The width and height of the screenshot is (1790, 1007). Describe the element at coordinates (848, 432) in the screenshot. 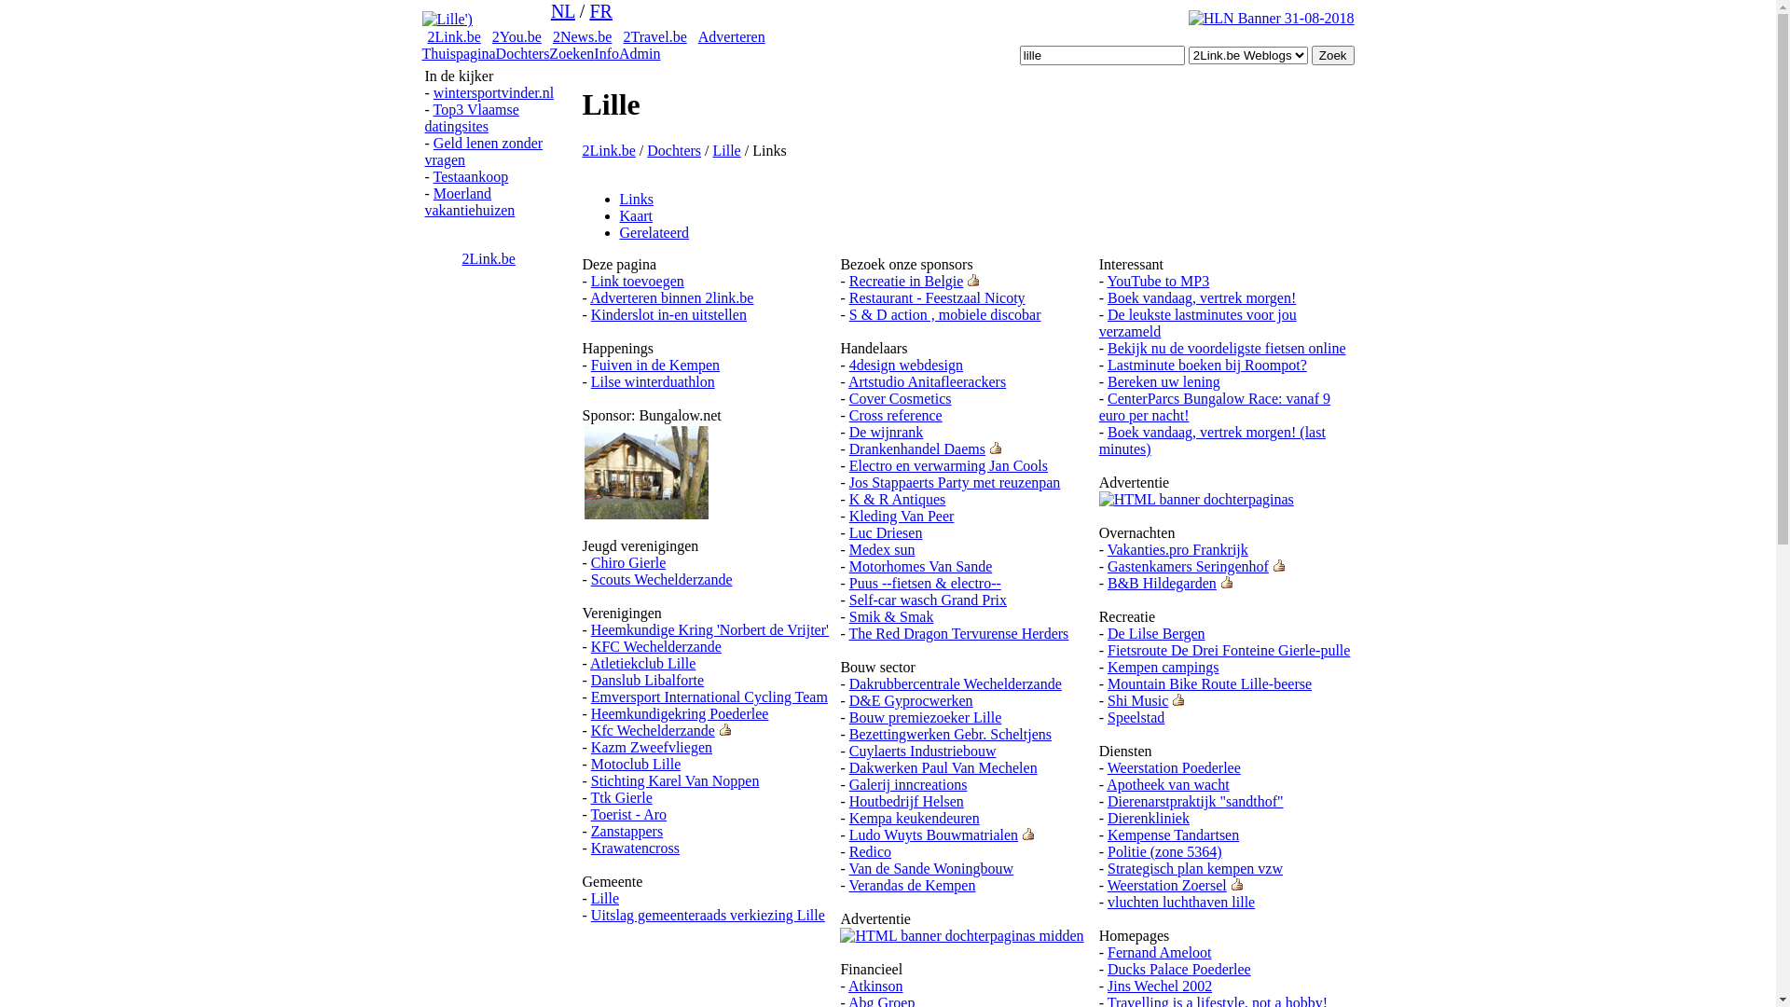

I see `'De wijnrank'` at that location.